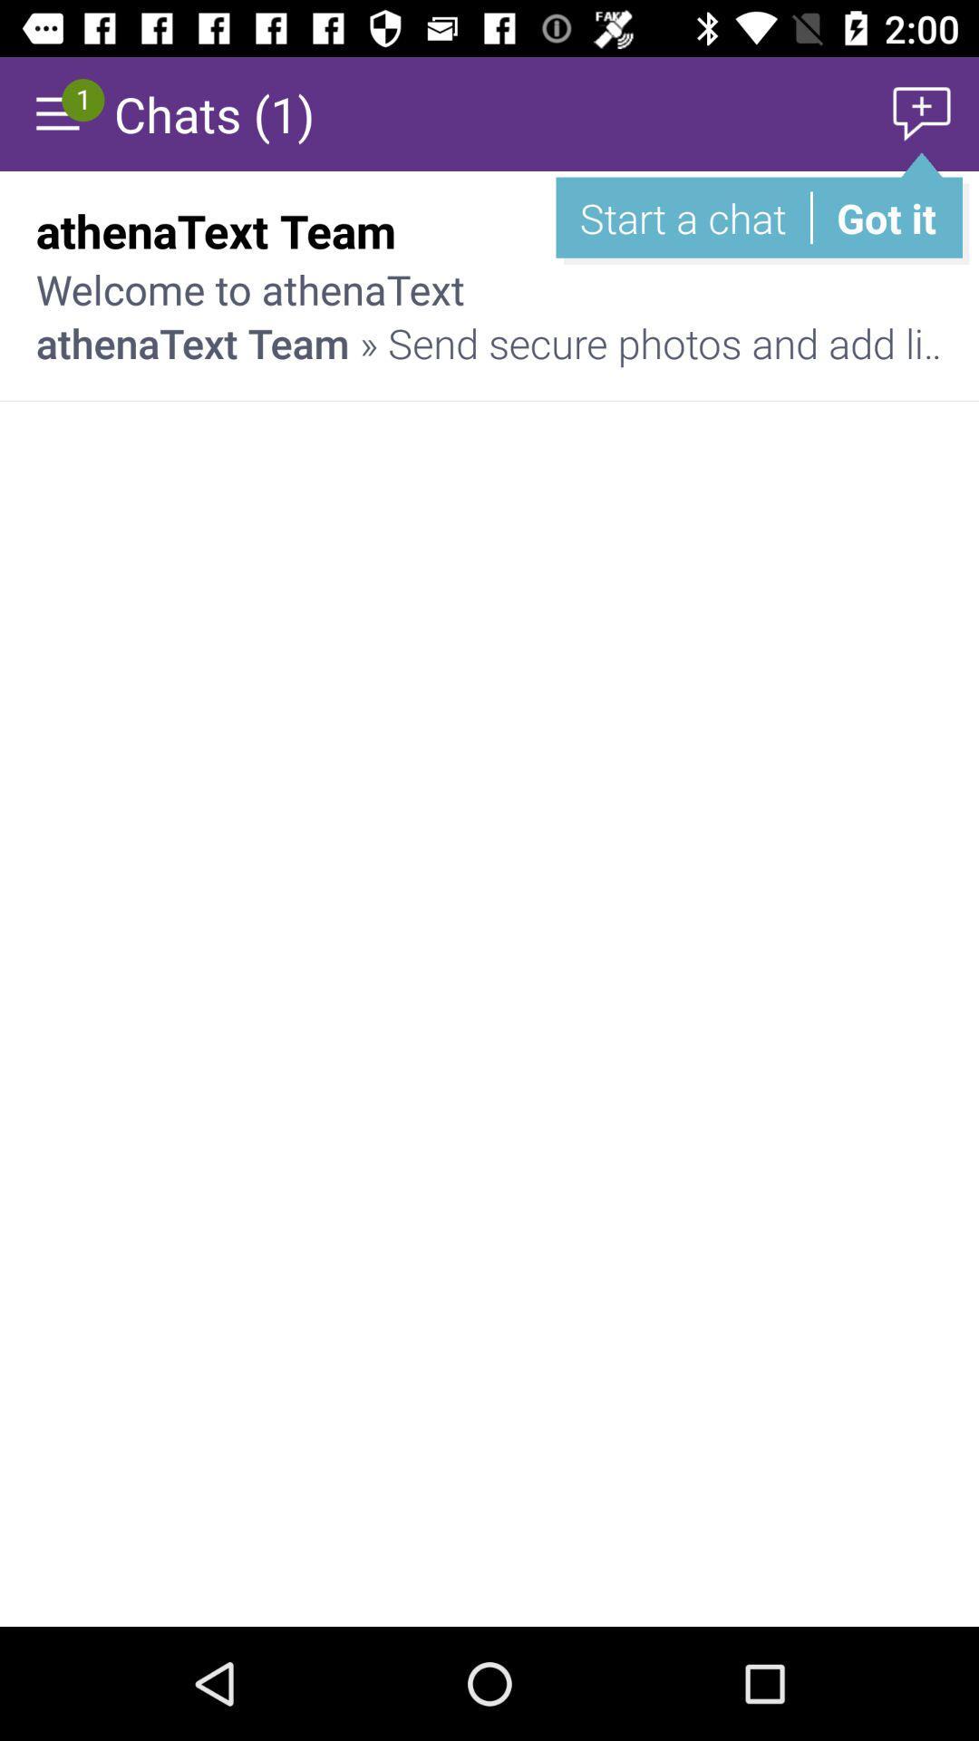 The width and height of the screenshot is (979, 1741). Describe the element at coordinates (878, 229) in the screenshot. I see `the icon to the right of athenatext team icon` at that location.